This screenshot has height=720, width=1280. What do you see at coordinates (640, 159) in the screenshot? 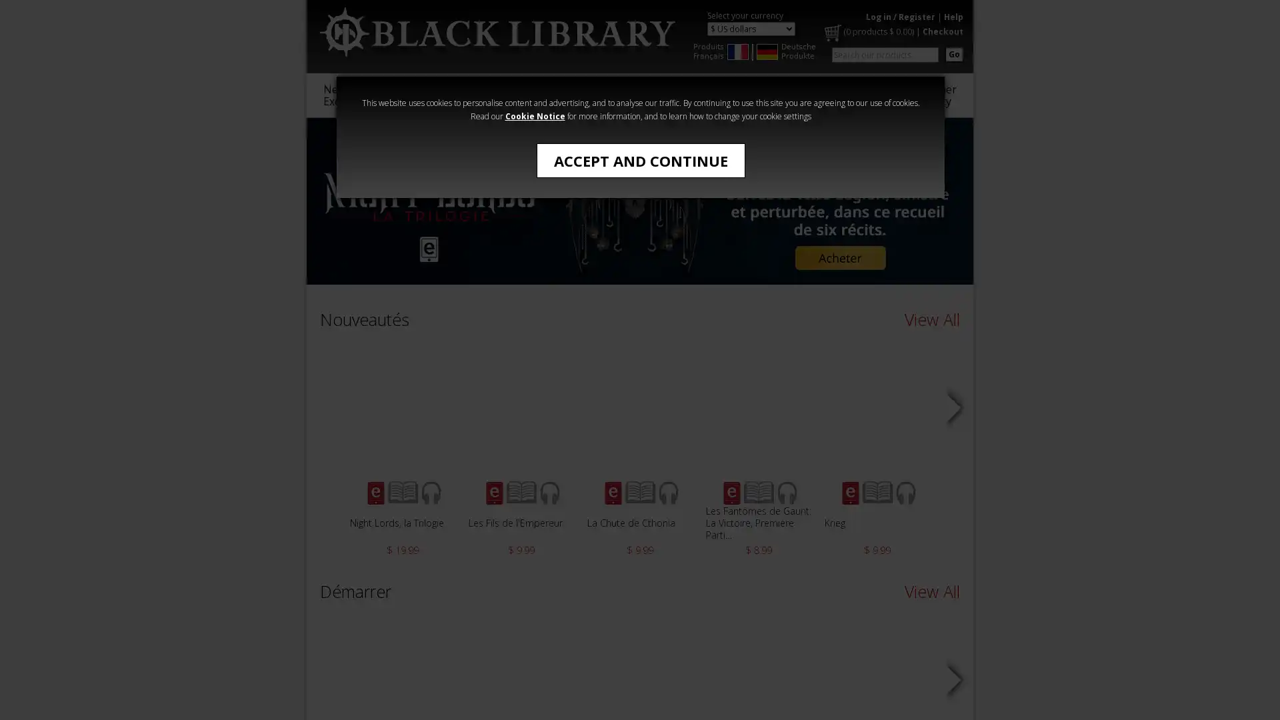
I see `ACCEPT AND CONTINUE` at bounding box center [640, 159].